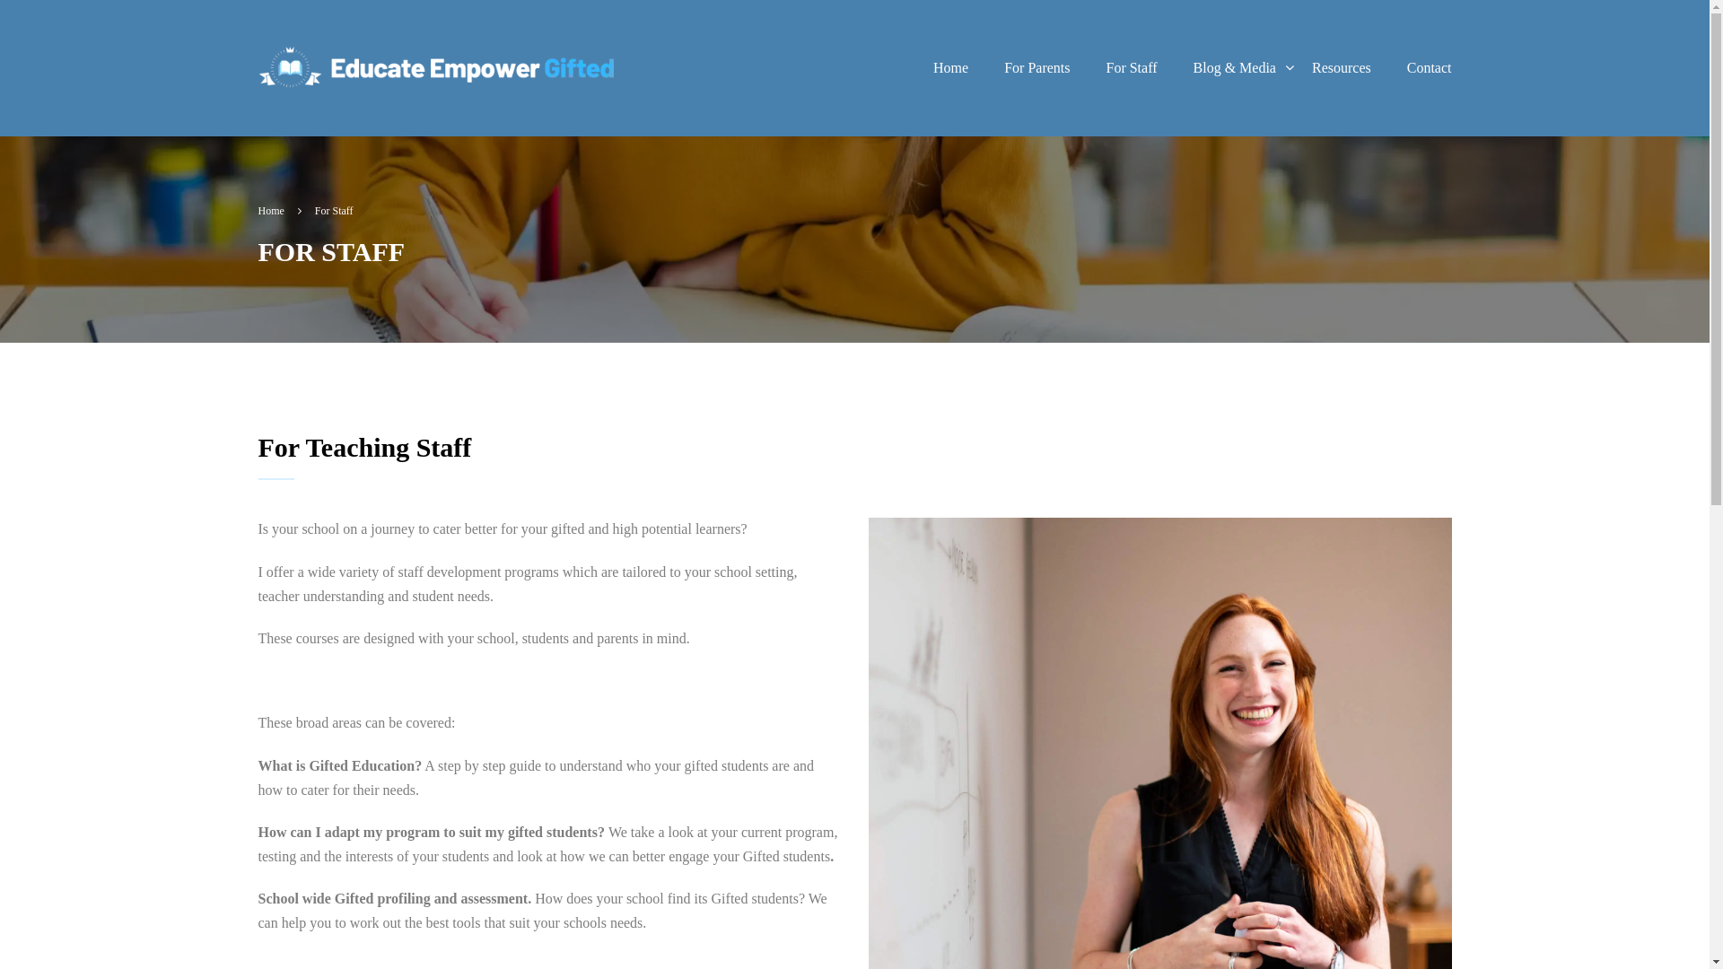 The width and height of the screenshot is (1723, 969). Describe the element at coordinates (1341, 67) in the screenshot. I see `'Resources'` at that location.